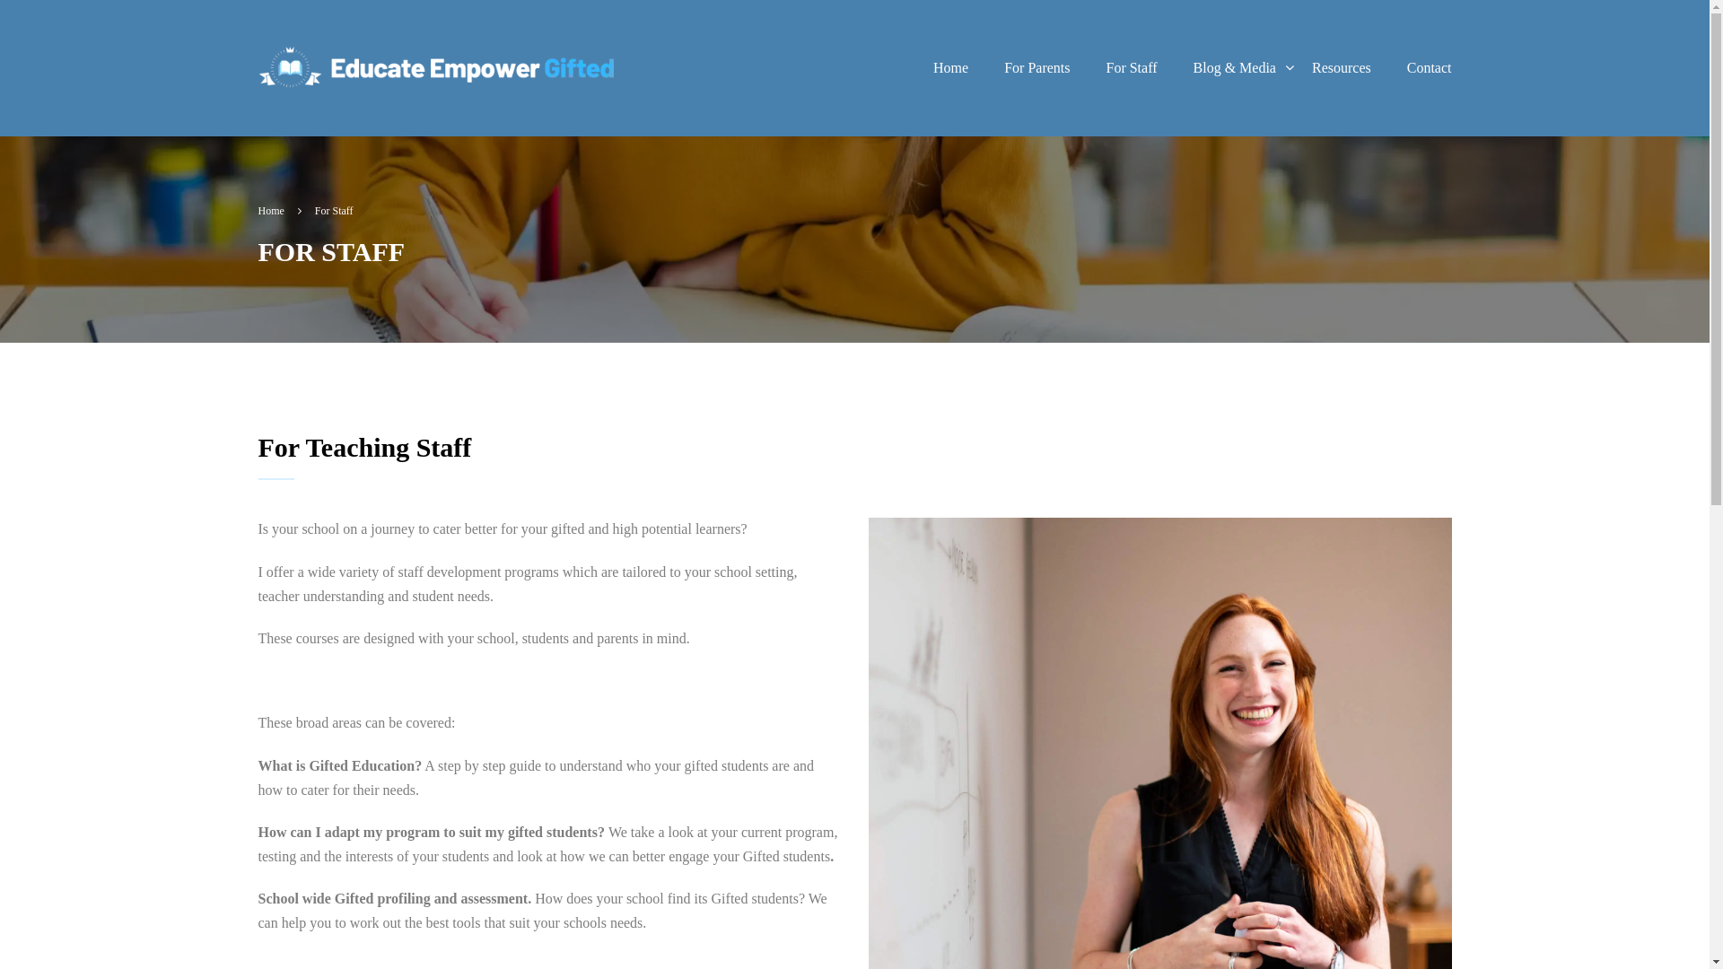 The width and height of the screenshot is (1723, 969). Describe the element at coordinates (1341, 67) in the screenshot. I see `'Resources'` at that location.